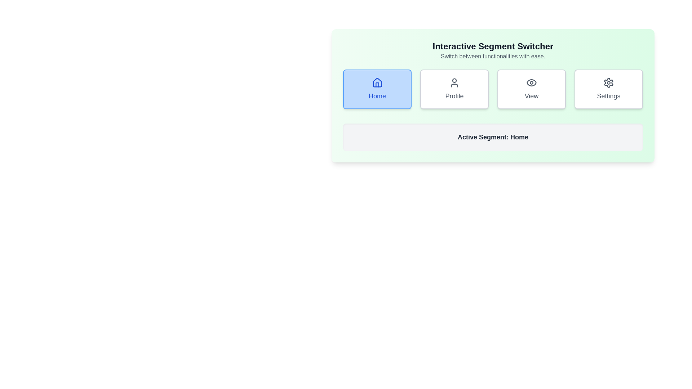 This screenshot has height=389, width=692. What do you see at coordinates (608, 82) in the screenshot?
I see `on the gear-shaped settings icon, which is the rightmost icon in the navigation row above the 'Settings' label` at bounding box center [608, 82].